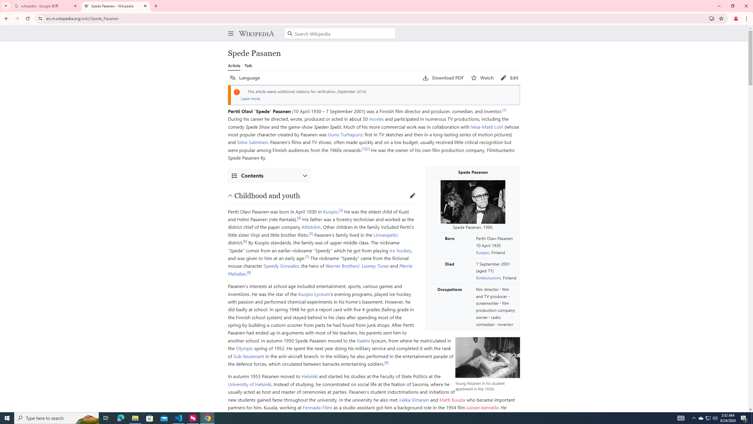 Image resolution: width=753 pixels, height=424 pixels. What do you see at coordinates (307, 256) in the screenshot?
I see `'[7]'` at bounding box center [307, 256].